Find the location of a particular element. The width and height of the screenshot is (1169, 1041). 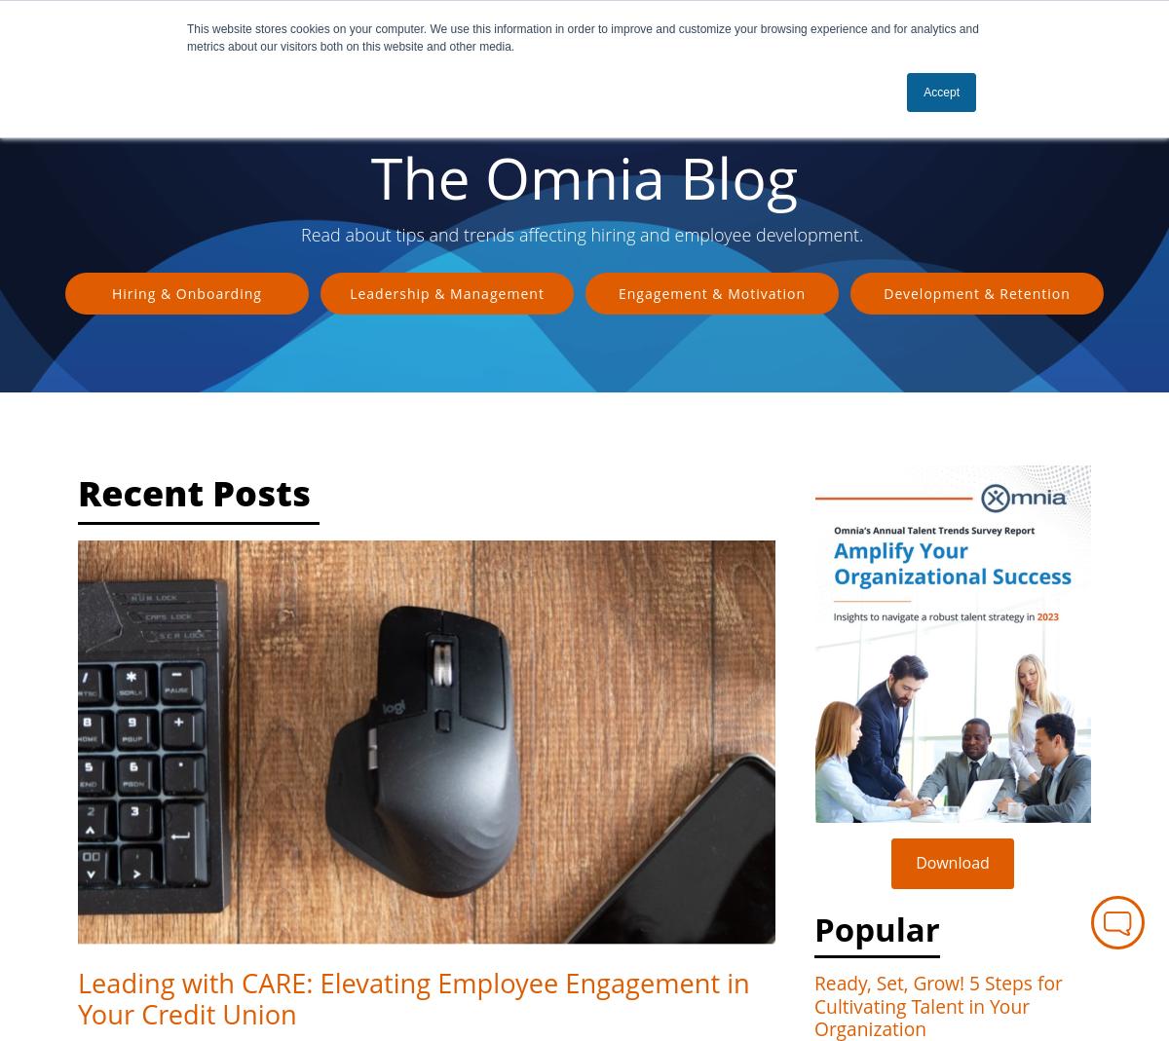

'This website stores cookies on your computer.  We use this information in order to improve and customize your browsing experience and for analytics and metrics about our visitors both on this website and other media.' is located at coordinates (581, 37).